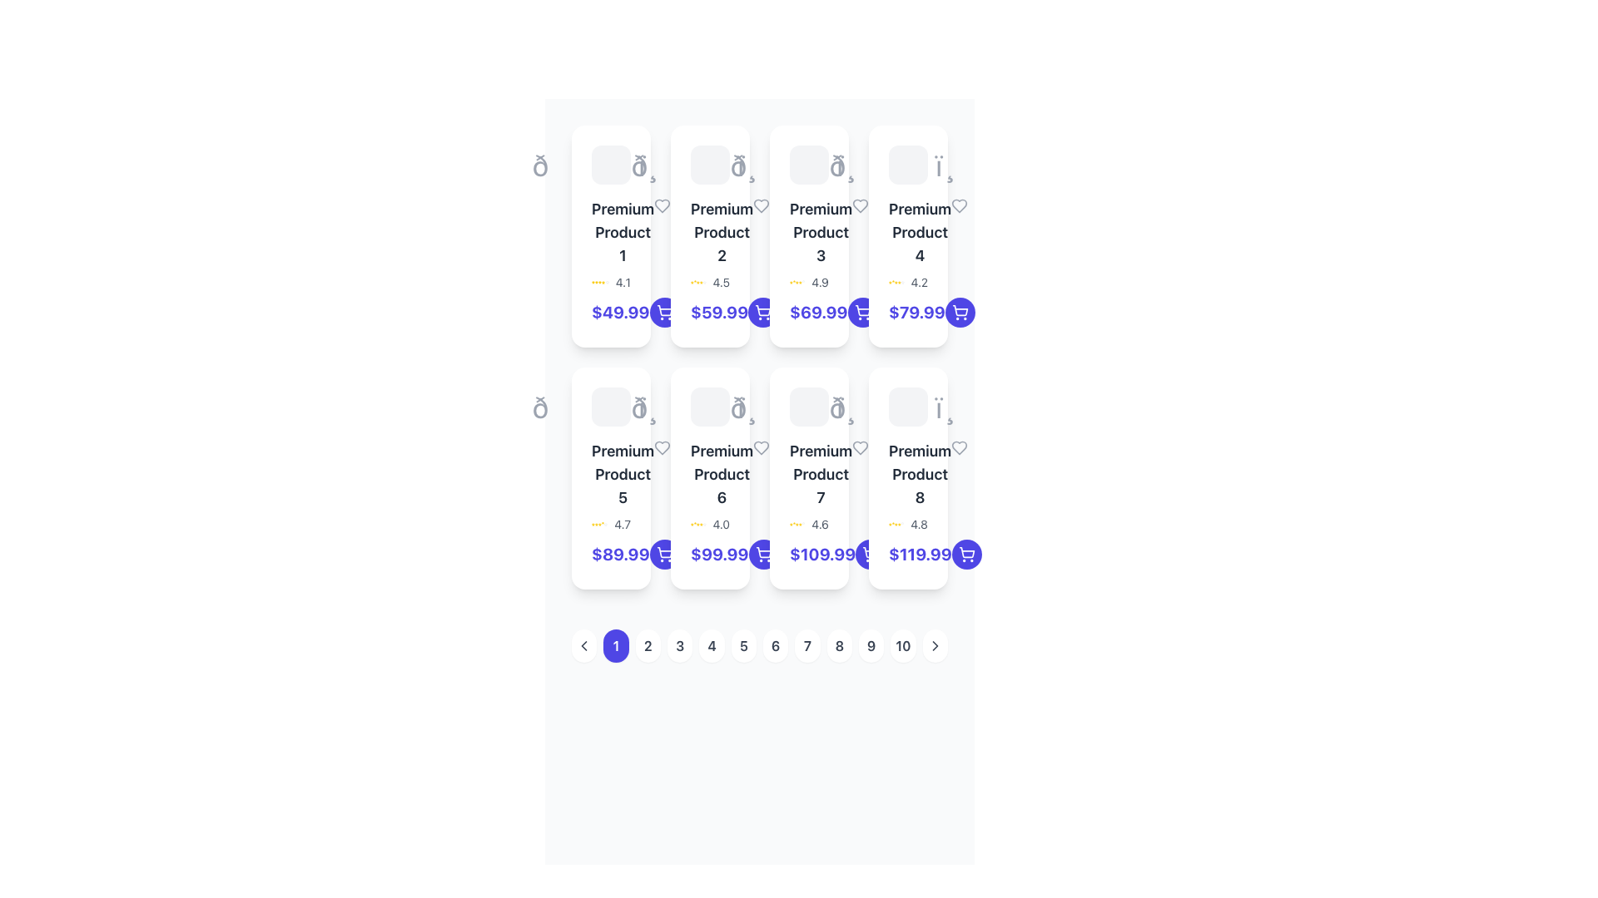  Describe the element at coordinates (622, 233) in the screenshot. I see `the product` at that location.